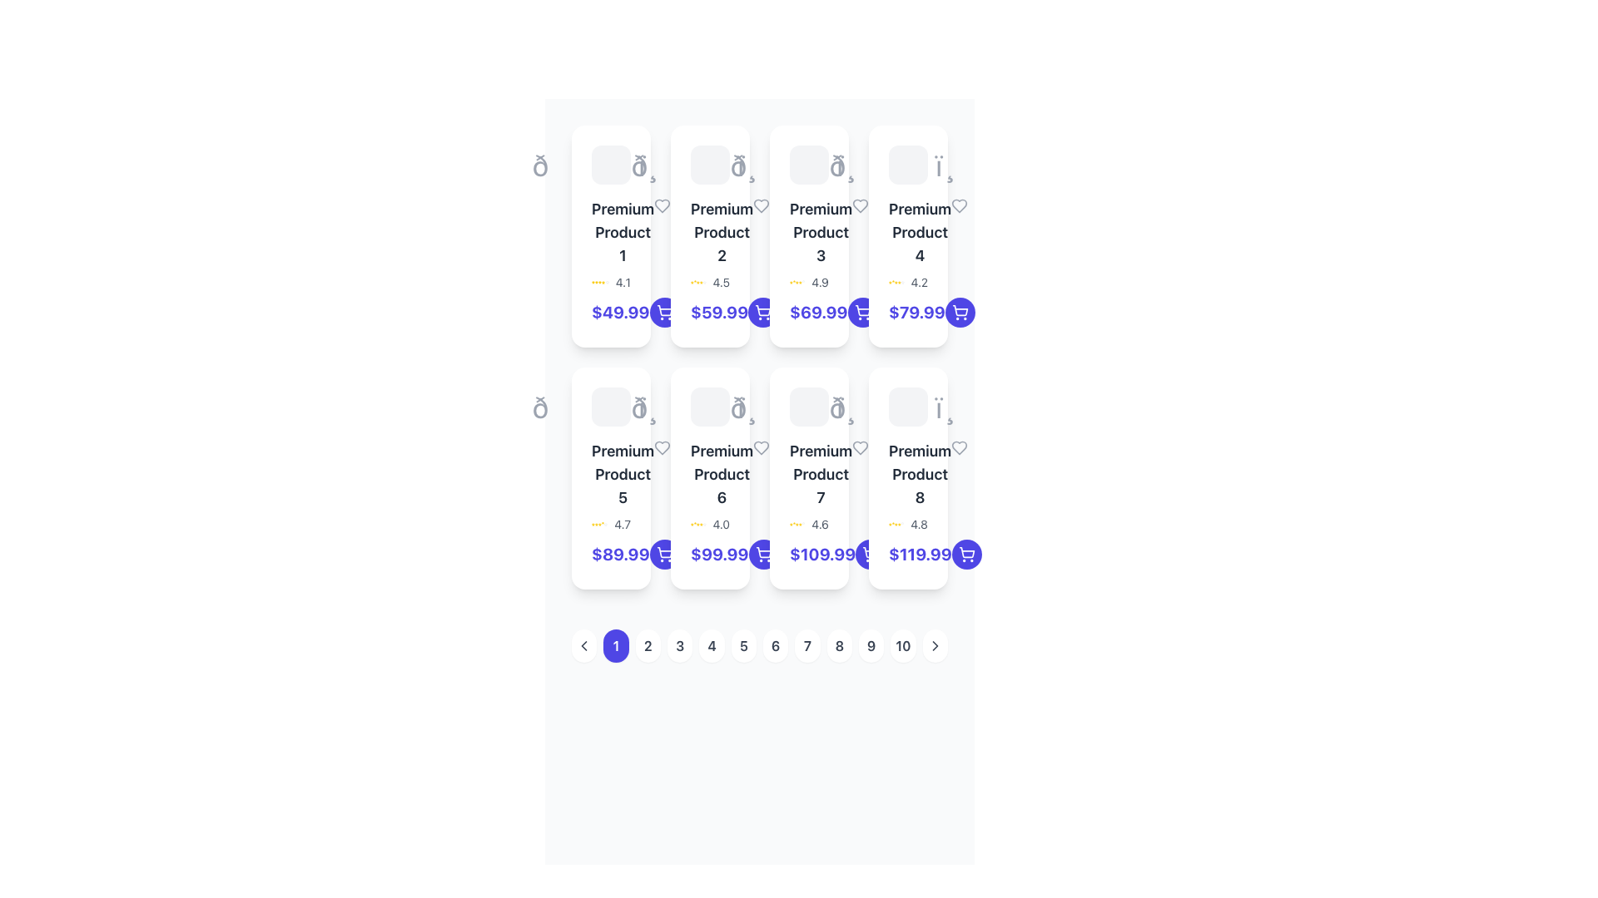  Describe the element at coordinates (622, 233) in the screenshot. I see `the product` at that location.